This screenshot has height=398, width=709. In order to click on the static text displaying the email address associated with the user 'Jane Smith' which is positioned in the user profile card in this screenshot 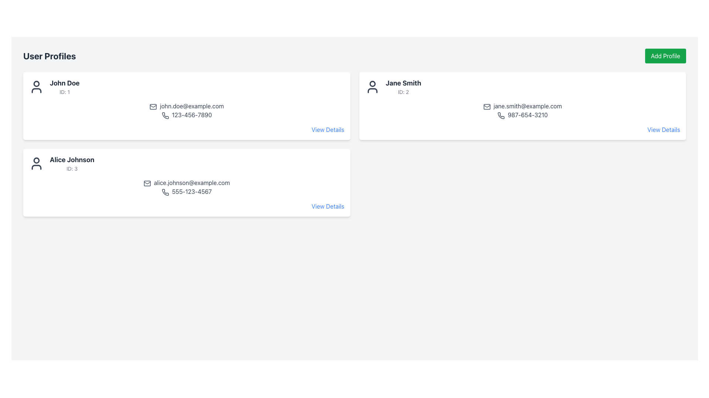, I will do `click(522, 106)`.